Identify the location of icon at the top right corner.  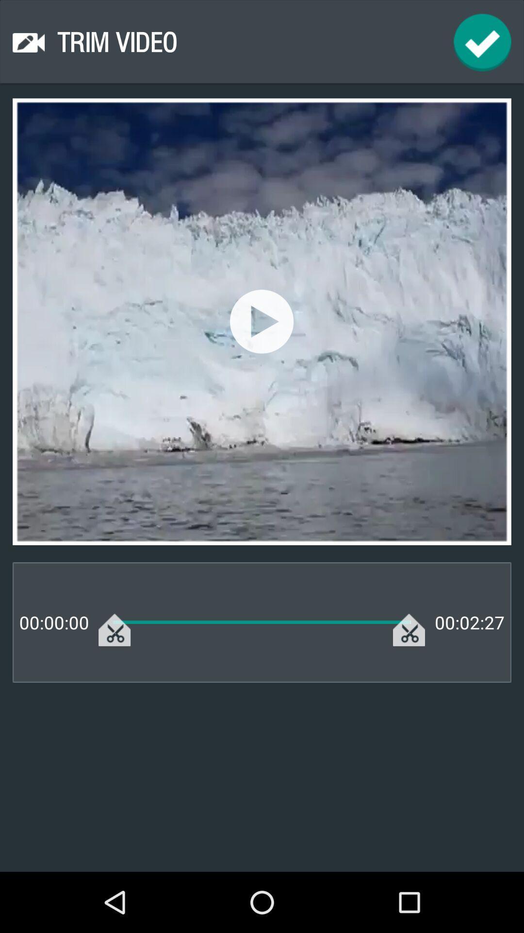
(482, 42).